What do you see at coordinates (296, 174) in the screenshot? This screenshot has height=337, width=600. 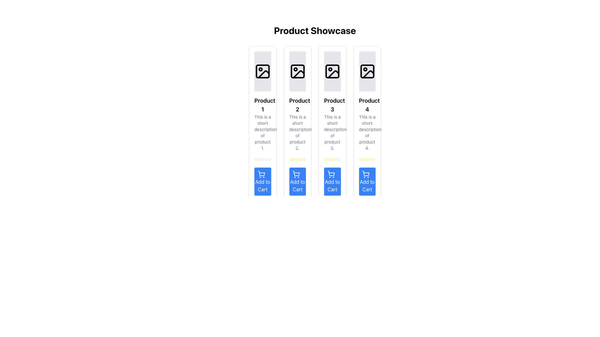 I see `the shopping cart icon located within the 'Add to Cart' button of the third product card in the grid` at bounding box center [296, 174].